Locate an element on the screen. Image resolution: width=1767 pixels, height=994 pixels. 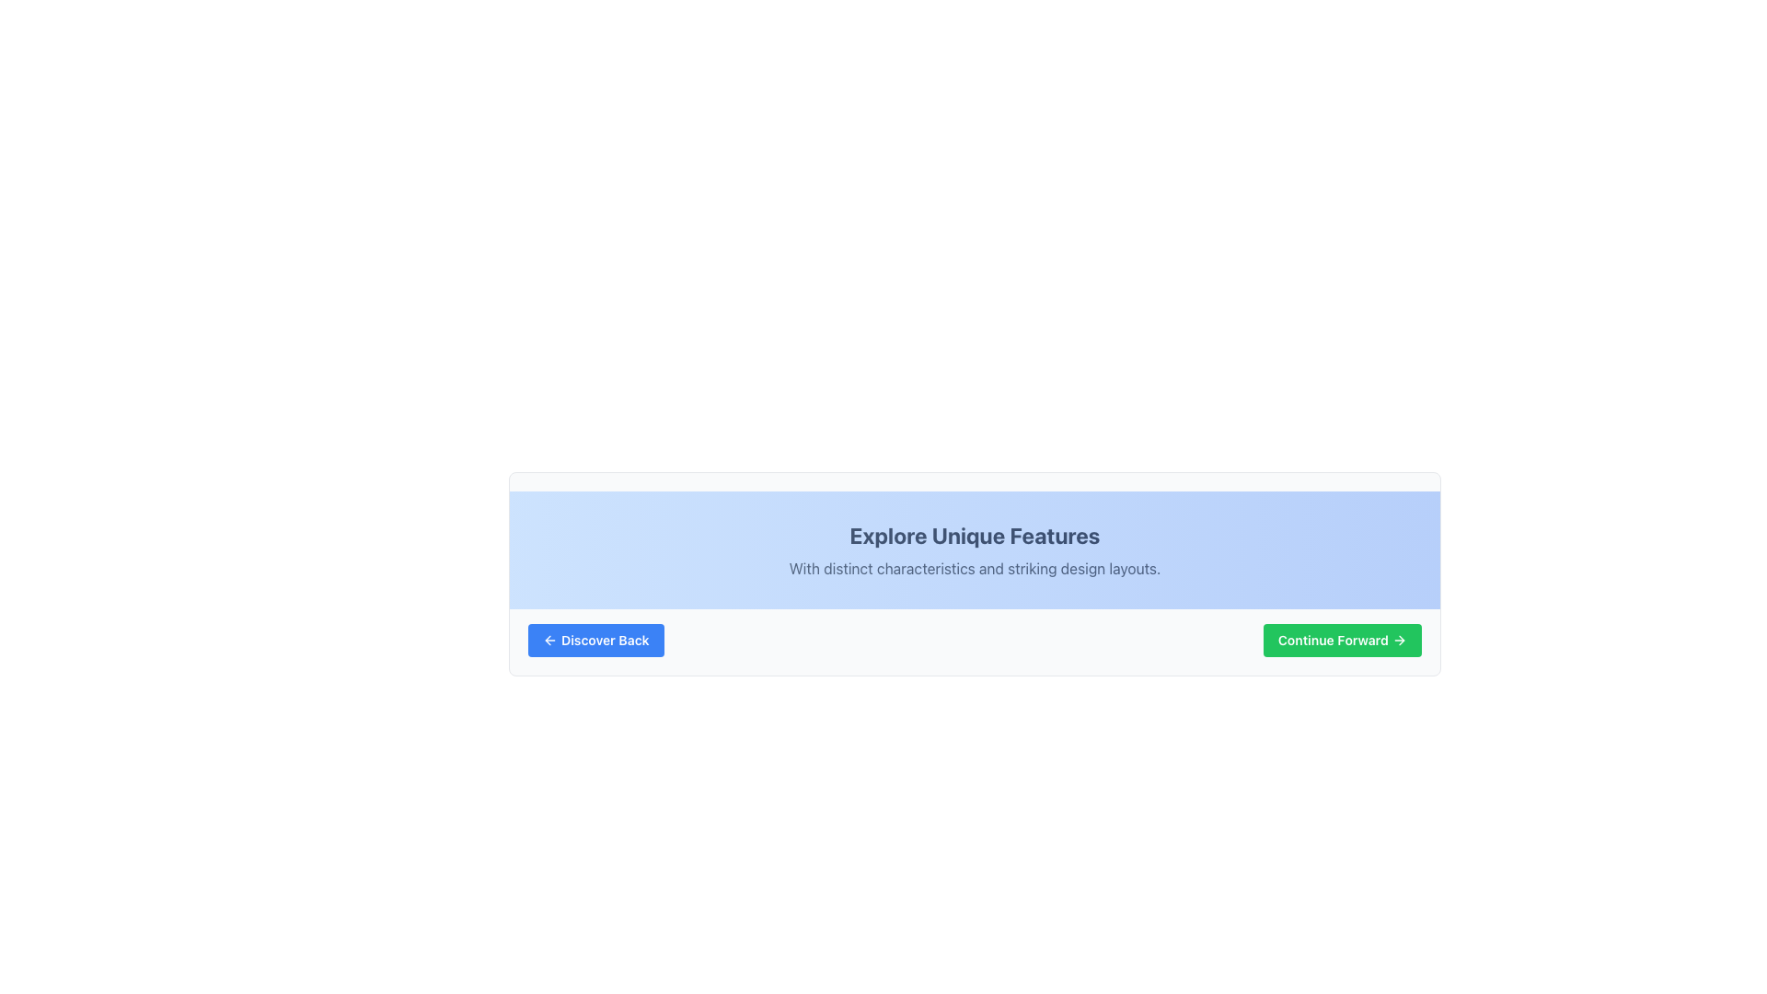
the button located to the right of the 'Discover Back' button at the bottom-right of the interface is located at coordinates (1342, 639).